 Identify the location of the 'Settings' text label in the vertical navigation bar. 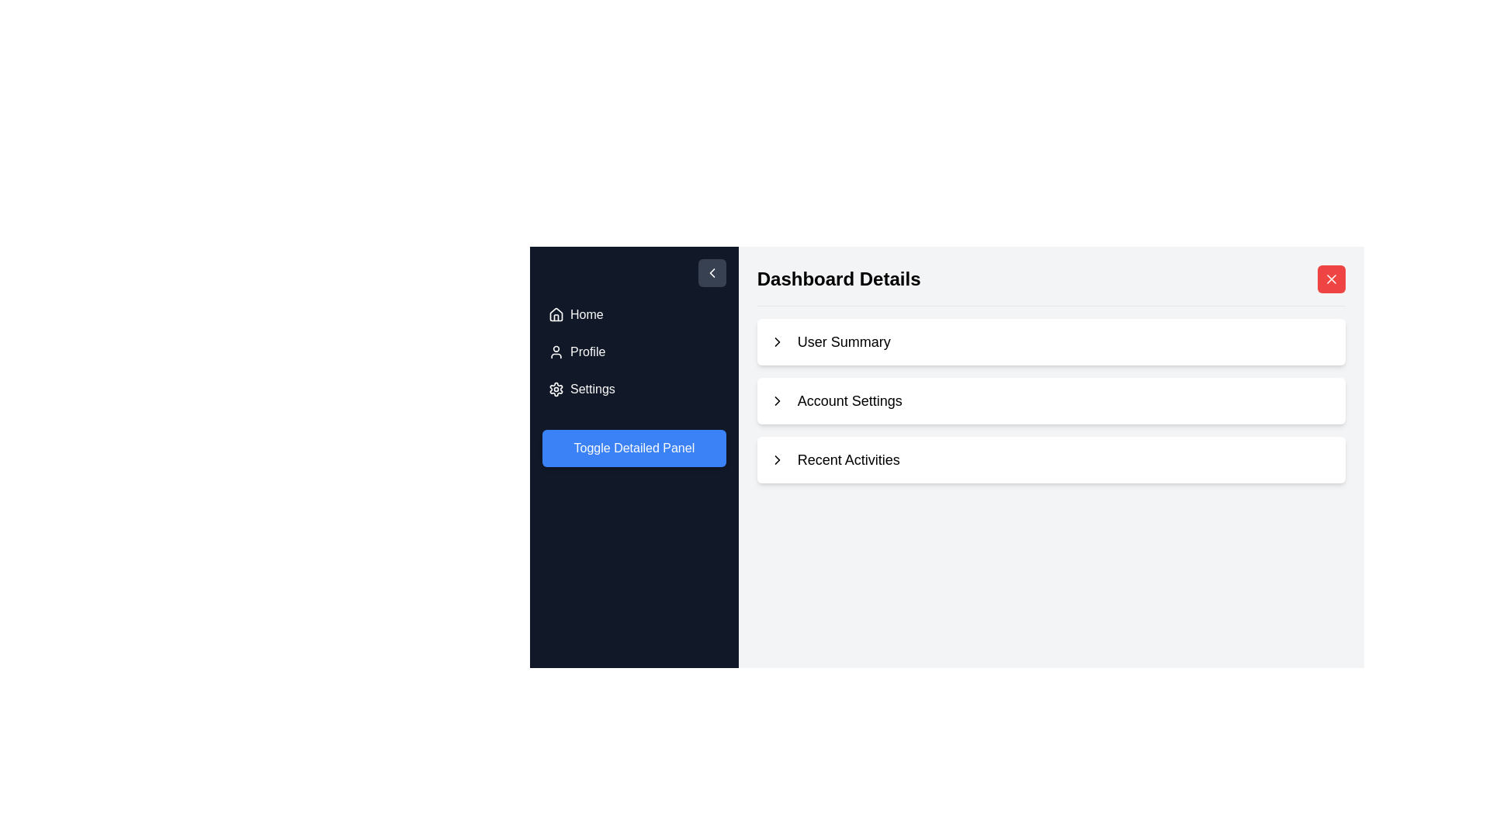
(591, 388).